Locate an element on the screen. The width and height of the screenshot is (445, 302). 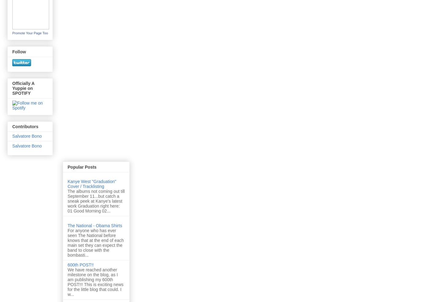
'The National - Obama Shirts' is located at coordinates (94, 225).